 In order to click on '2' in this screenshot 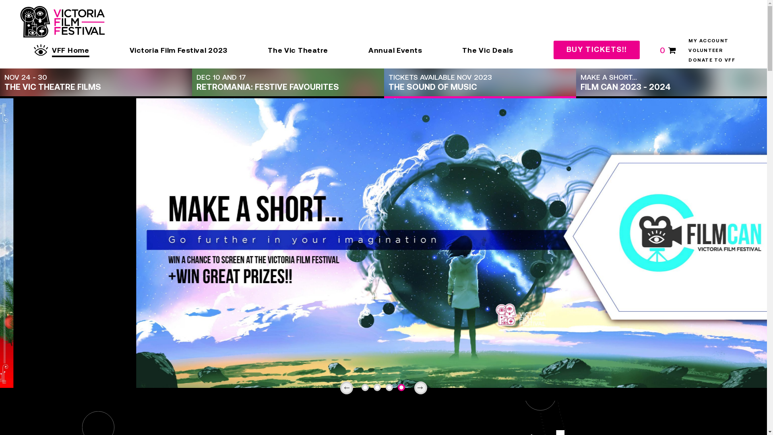, I will do `click(377, 387)`.